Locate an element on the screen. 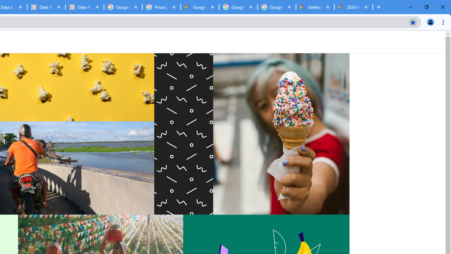  'Google Cloud Terms Directory | Google Cloud' is located at coordinates (199, 7).